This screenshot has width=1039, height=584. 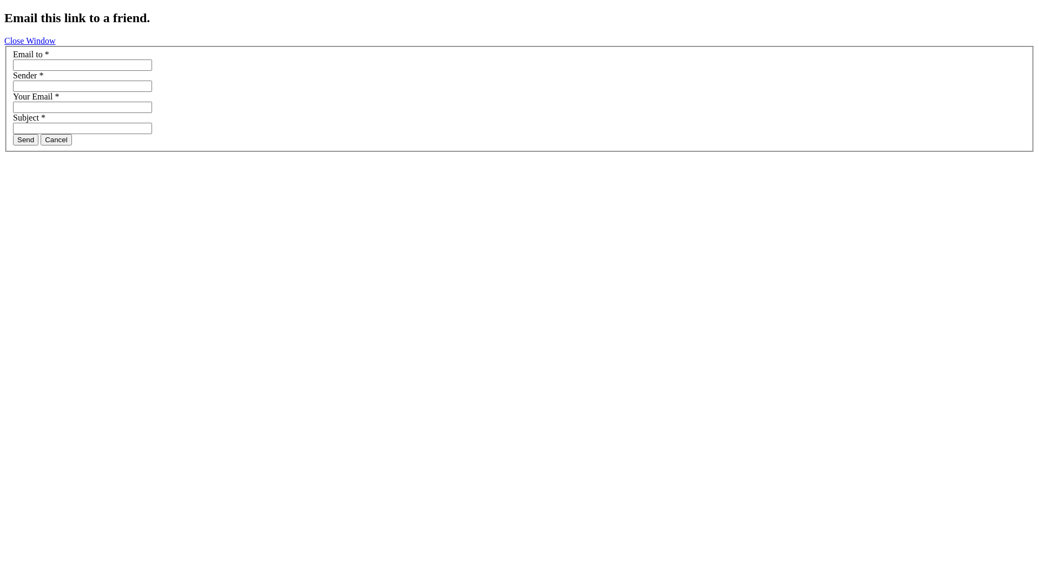 What do you see at coordinates (56, 139) in the screenshot?
I see `'Cancel'` at bounding box center [56, 139].